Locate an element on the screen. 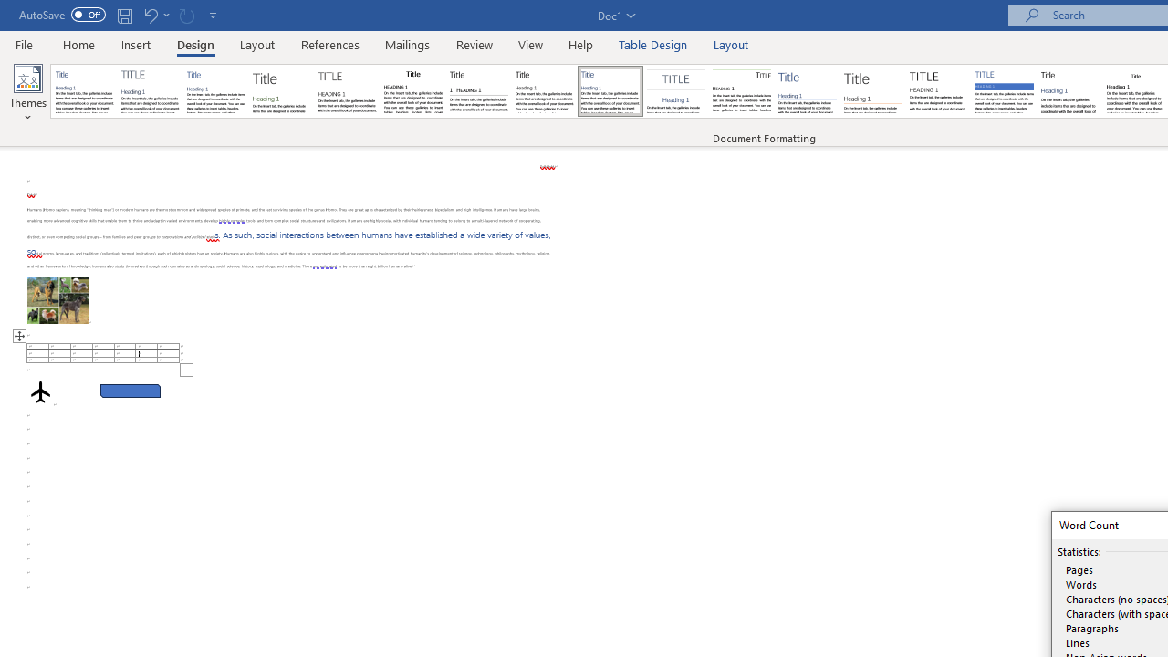 Image resolution: width=1168 pixels, height=657 pixels. 'AutoSave' is located at coordinates (62, 15).